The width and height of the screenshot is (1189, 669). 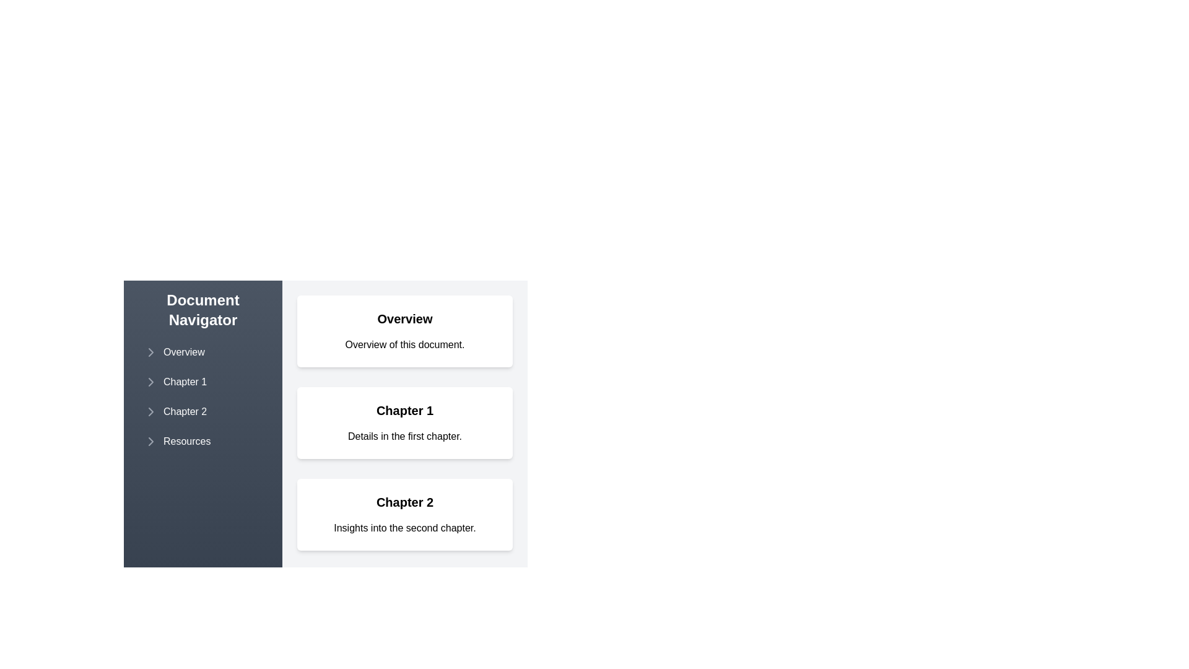 I want to click on the right-pointing arrow icon adjacent to 'Chapter 1' in the vertical navigation menu, so click(x=150, y=382).